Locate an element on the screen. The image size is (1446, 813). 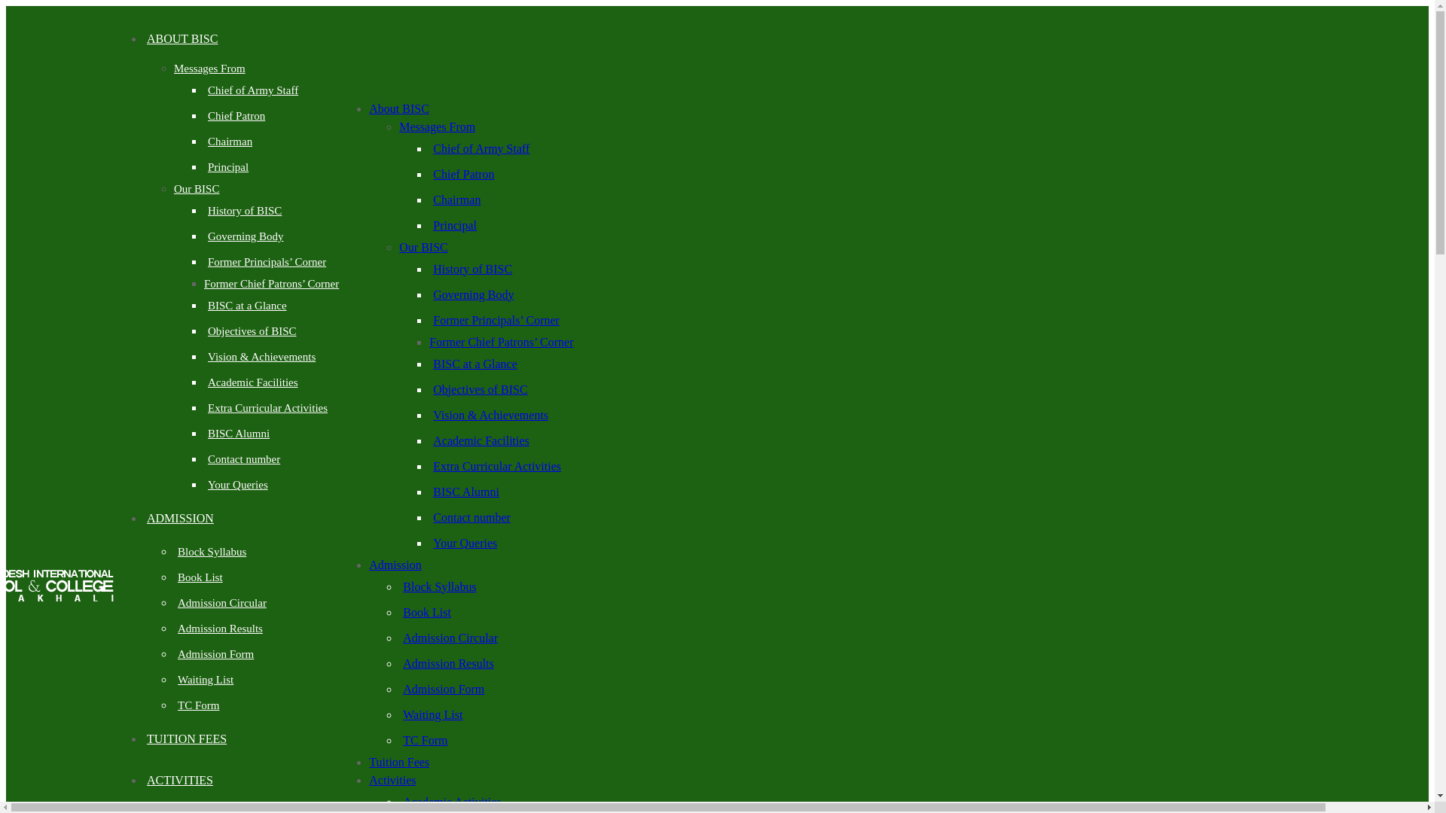
'Contact number' is located at coordinates (244, 458).